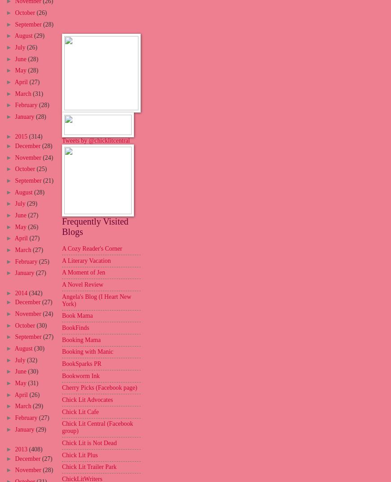 The image size is (391, 482). What do you see at coordinates (61, 351) in the screenshot?
I see `'Booking with Manic'` at bounding box center [61, 351].